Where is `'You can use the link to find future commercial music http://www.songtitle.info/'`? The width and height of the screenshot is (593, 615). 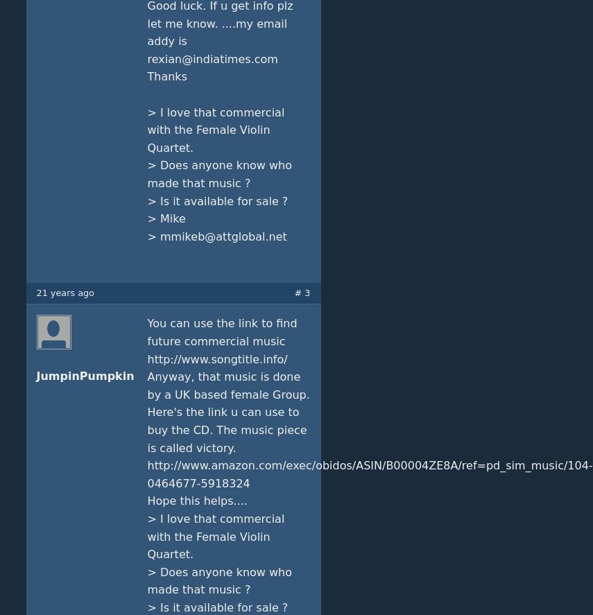 'You can use the link to find future commercial music http://www.songtitle.info/' is located at coordinates (221, 340).